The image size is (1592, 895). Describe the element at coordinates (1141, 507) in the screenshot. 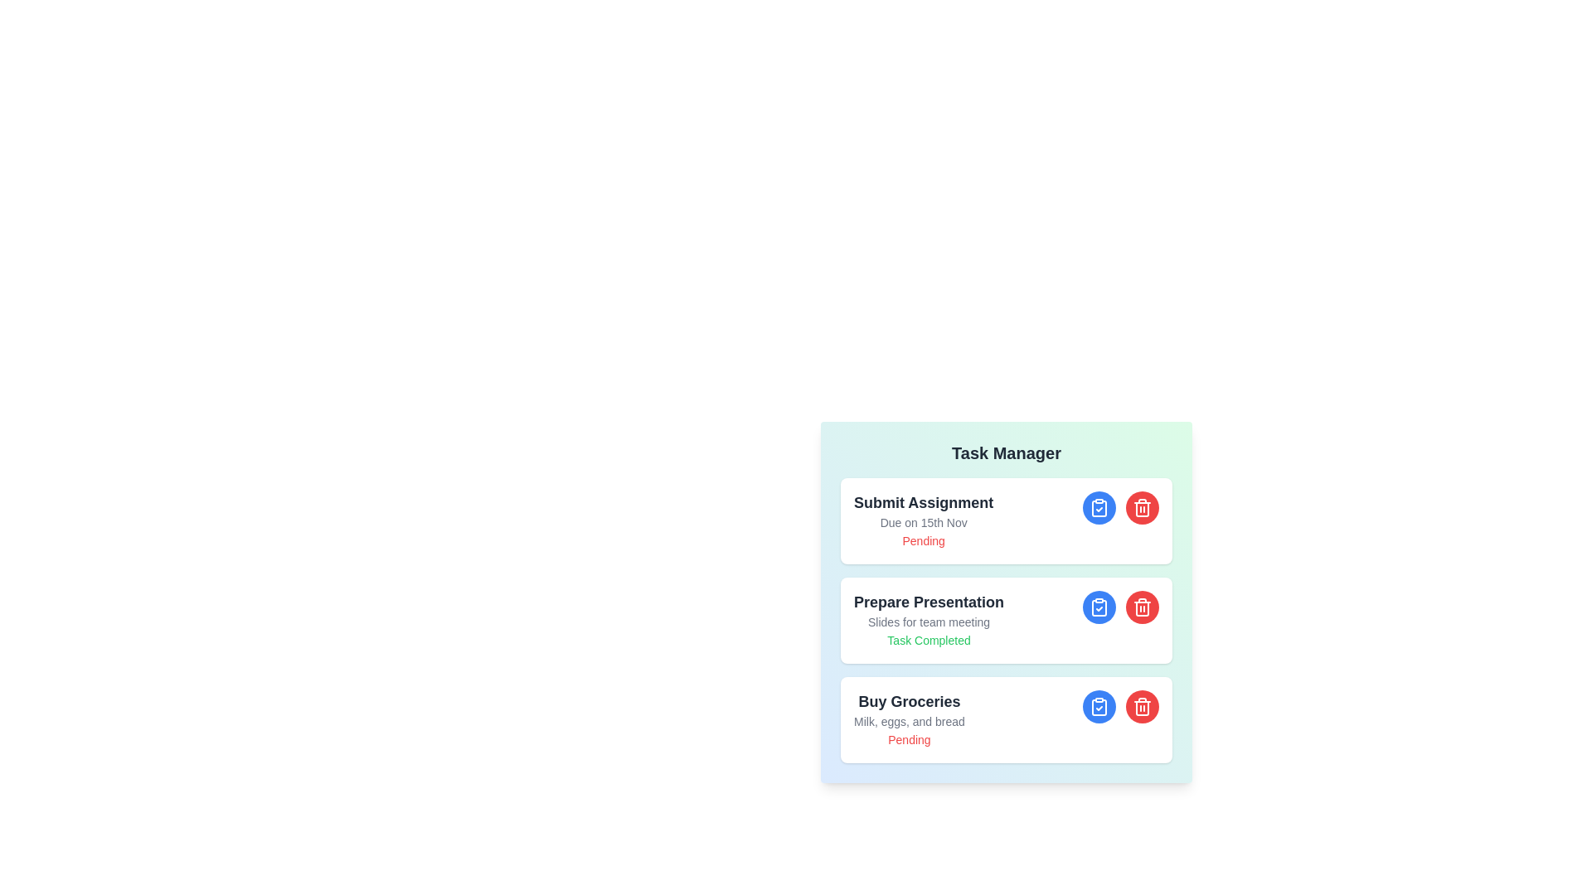

I see `delete button for the task titled Submit Assignment` at that location.